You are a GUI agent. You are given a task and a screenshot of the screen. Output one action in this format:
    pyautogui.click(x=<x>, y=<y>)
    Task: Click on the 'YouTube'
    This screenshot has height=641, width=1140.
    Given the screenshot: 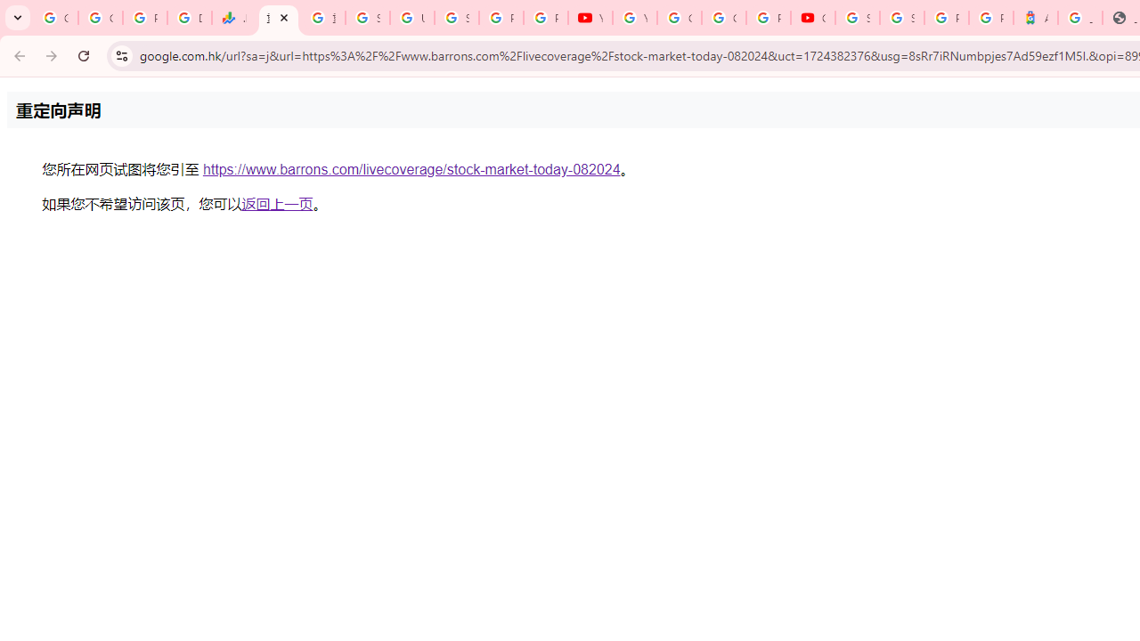 What is the action you would take?
    pyautogui.click(x=590, y=18)
    